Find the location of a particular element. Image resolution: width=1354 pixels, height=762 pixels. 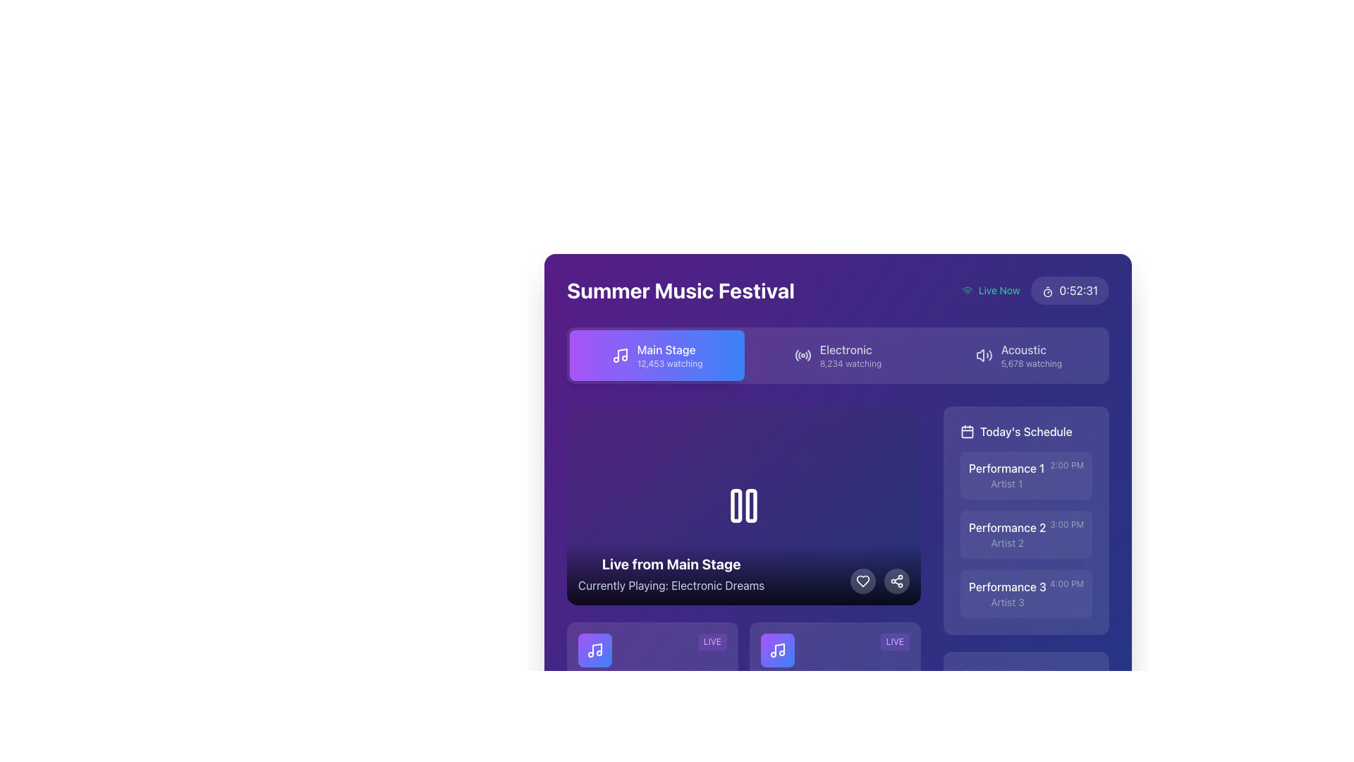

title text element located at the top-left corner of the visible interface, which indicates the context of the presented content is located at coordinates (681, 290).